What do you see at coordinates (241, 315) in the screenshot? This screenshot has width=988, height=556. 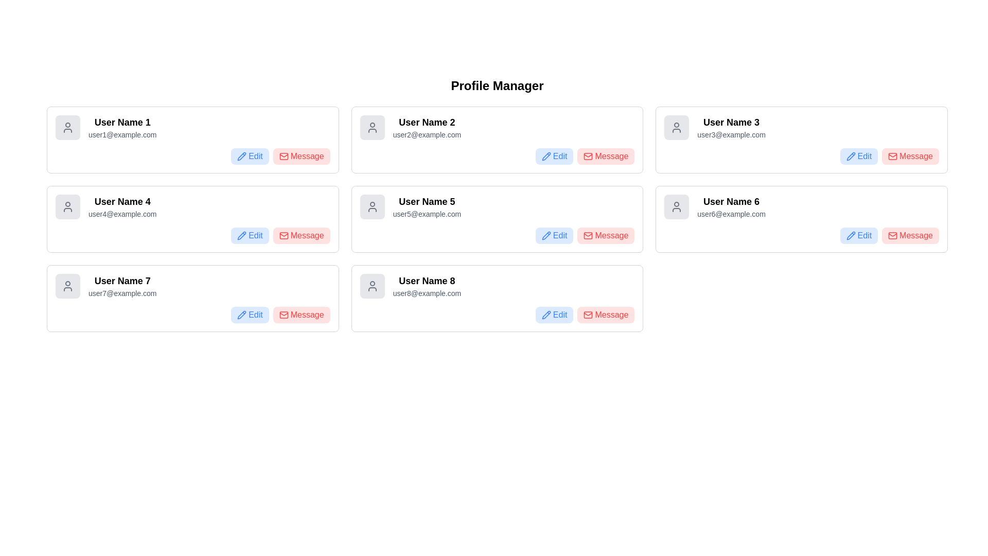 I see `the blue pen icon within the 'Edit' button next to 'User Name 7' to initiate the editing process` at bounding box center [241, 315].